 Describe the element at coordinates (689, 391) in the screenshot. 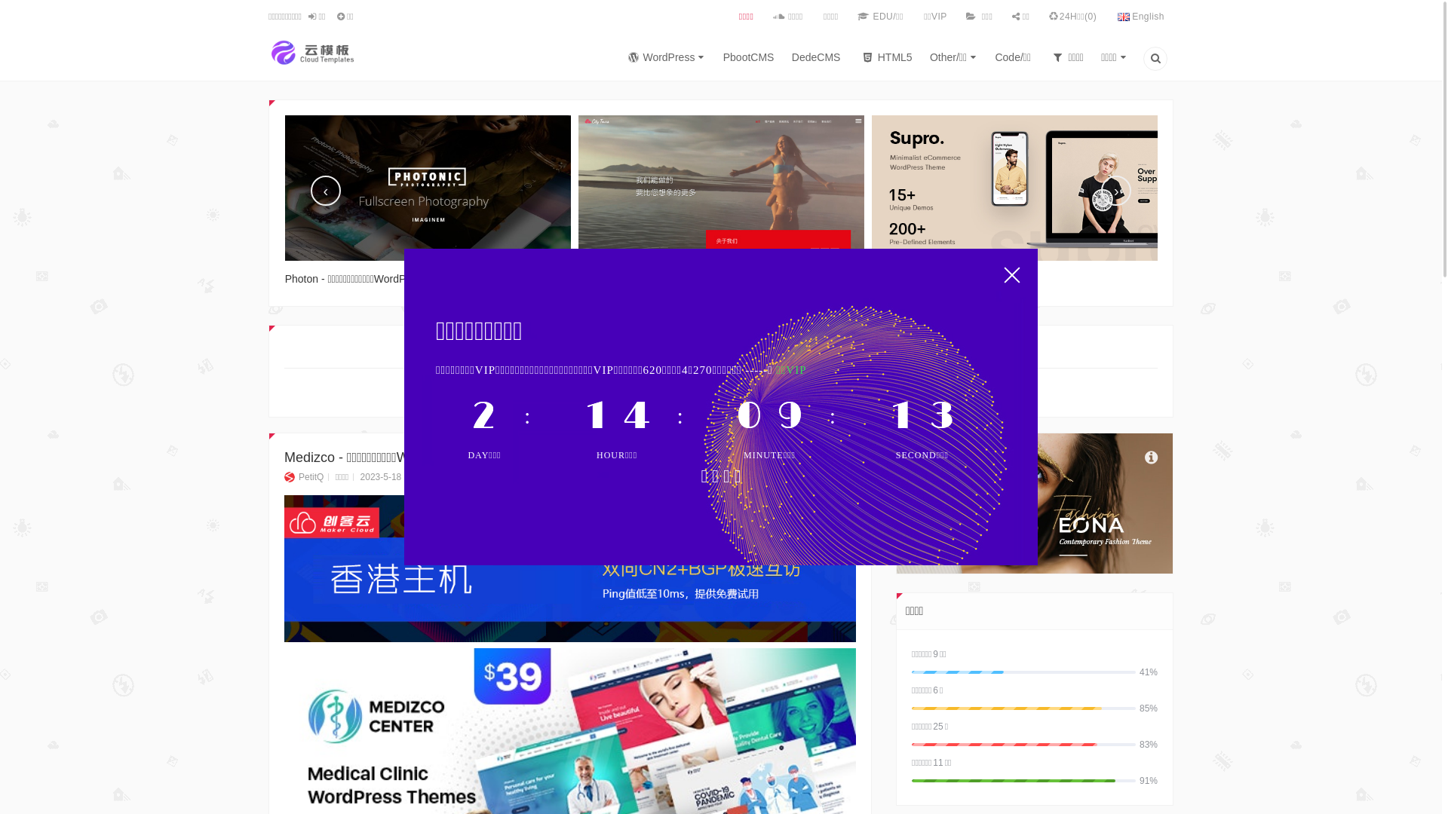

I see `'WordPress'` at that location.